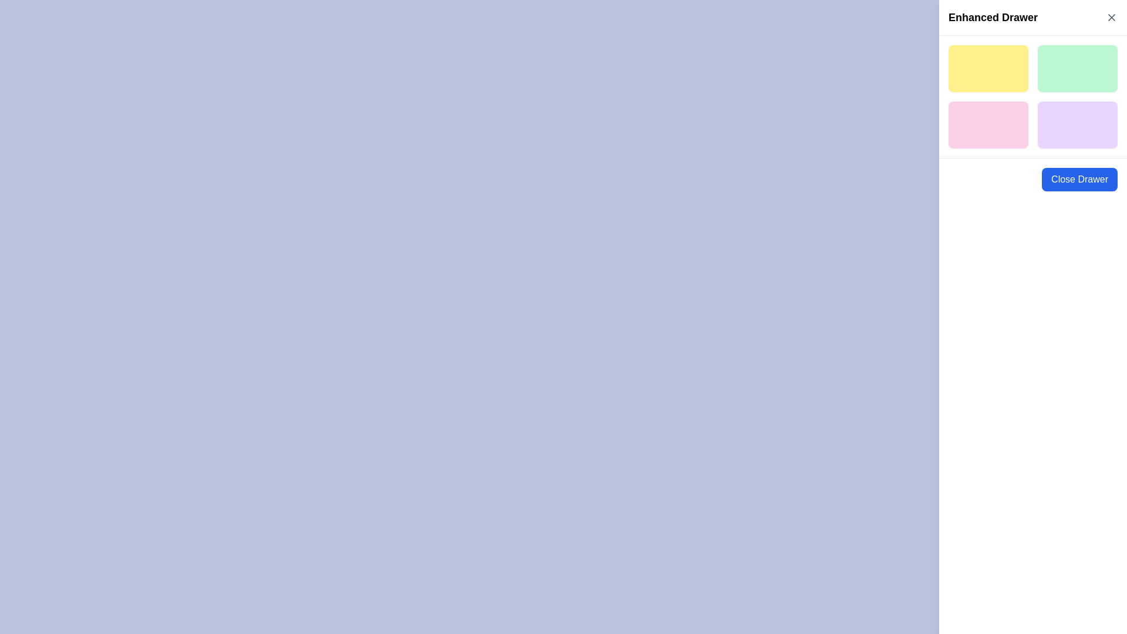  Describe the element at coordinates (1111, 18) in the screenshot. I see `the gray cross icon button located at the top-right corner of the 'Enhanced Drawer' header` at that location.